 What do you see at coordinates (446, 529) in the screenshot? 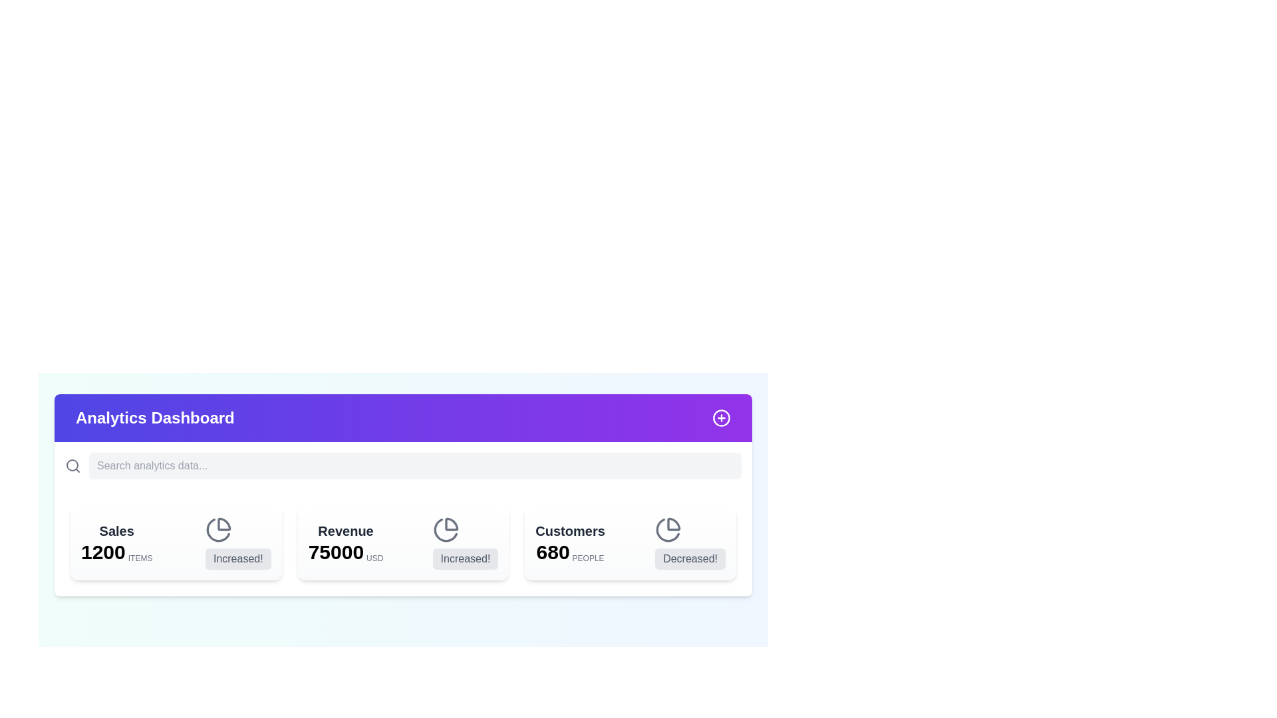
I see `the inline SVG pie chart icon with a gray color scheme located in the 'Revenue' section of the dashboard, positioned above the text 'Increased!' and next to the value of 75000 USD` at bounding box center [446, 529].